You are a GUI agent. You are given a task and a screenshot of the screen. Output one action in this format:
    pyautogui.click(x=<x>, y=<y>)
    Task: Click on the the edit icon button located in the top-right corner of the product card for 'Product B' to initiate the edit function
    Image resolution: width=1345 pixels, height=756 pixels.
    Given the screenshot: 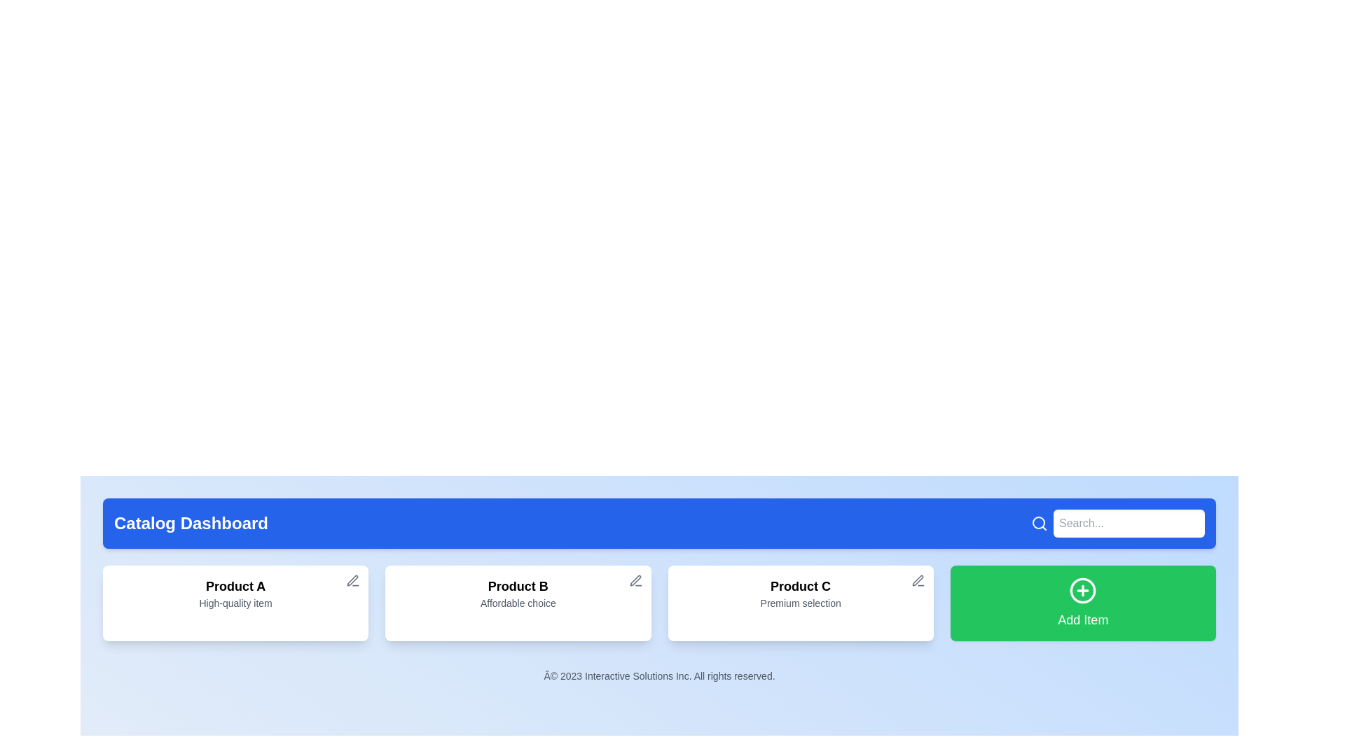 What is the action you would take?
    pyautogui.click(x=635, y=580)
    